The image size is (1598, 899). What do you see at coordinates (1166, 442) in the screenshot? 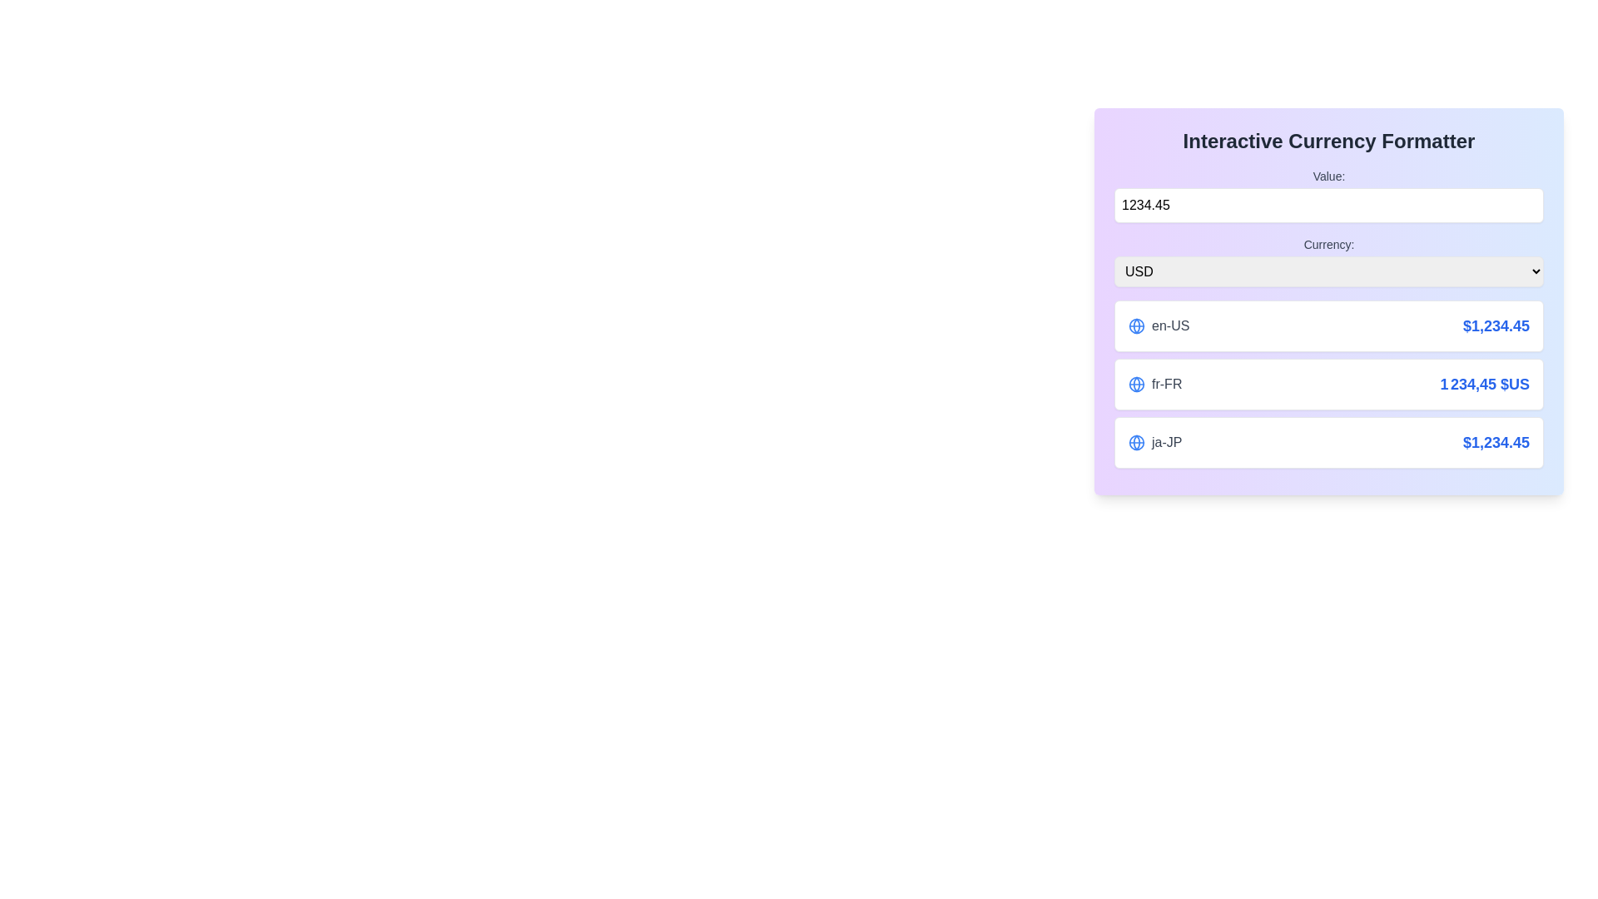
I see `the language identifier label that displays 'Japanese - Japan', located in the third row next to the globe icon and left of the currency amount '$1,234.45'` at bounding box center [1166, 442].